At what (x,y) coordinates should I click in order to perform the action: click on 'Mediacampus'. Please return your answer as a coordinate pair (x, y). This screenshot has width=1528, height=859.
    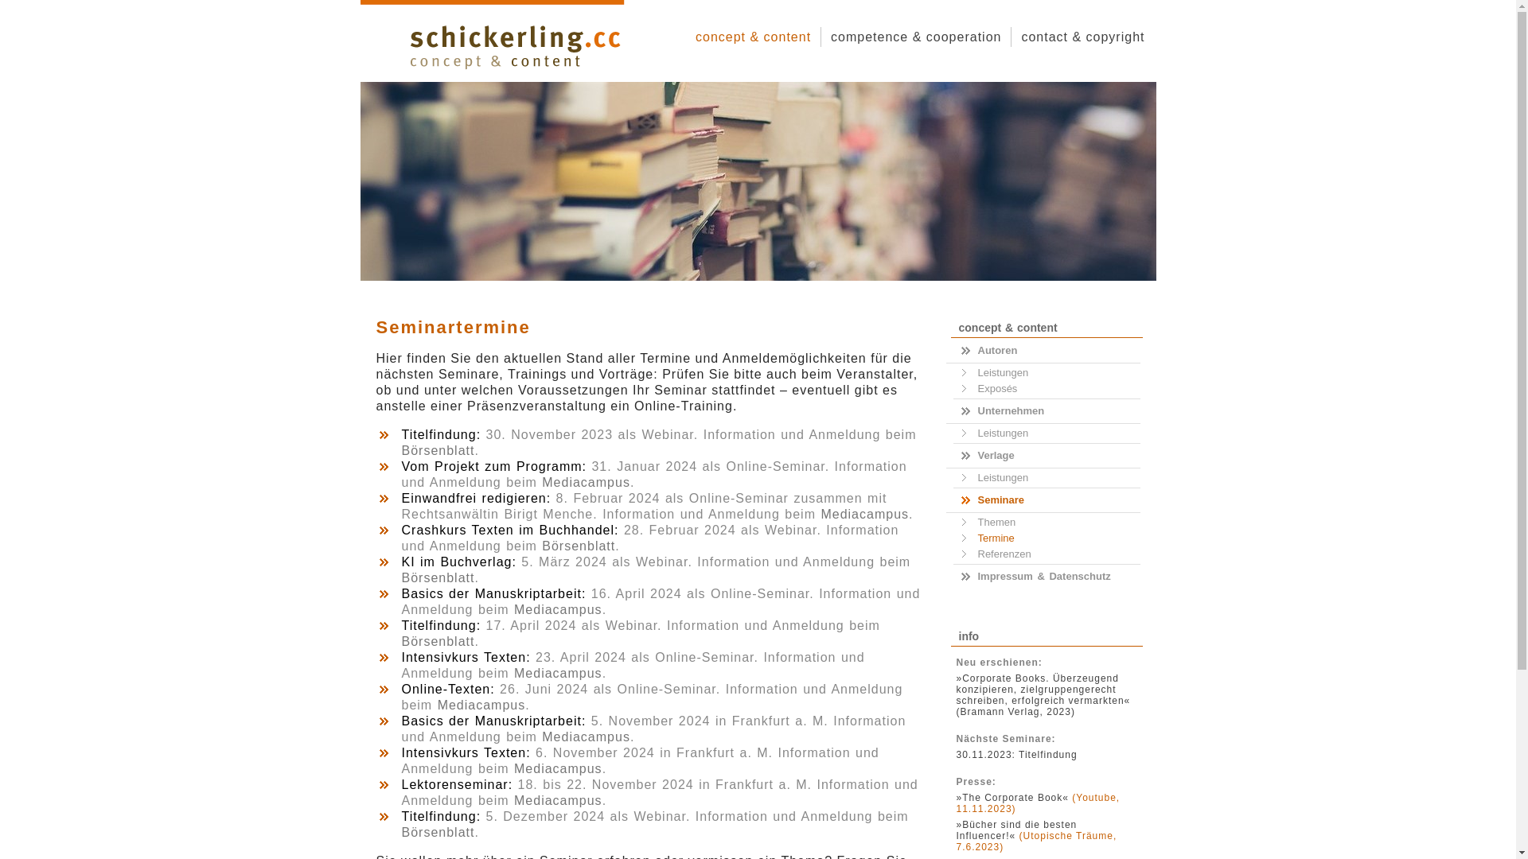
    Looking at the image, I should click on (438, 704).